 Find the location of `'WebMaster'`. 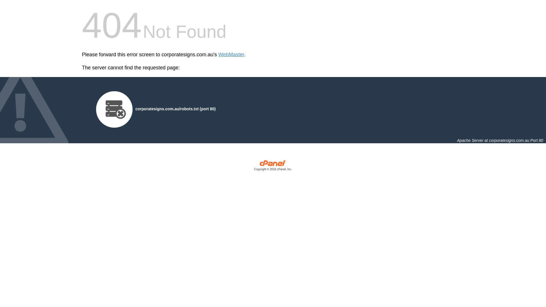

'WebMaster' is located at coordinates (231, 55).